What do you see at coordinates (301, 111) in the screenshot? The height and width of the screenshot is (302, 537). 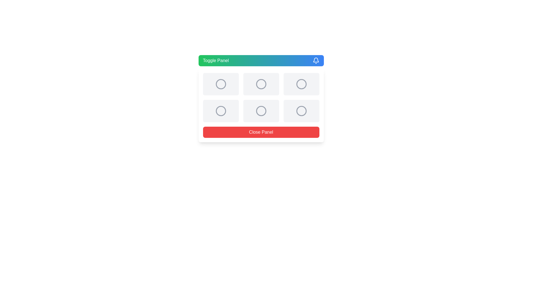 I see `the center circle of the sixth item in a 3x2 grid layout on the panel, which has a neutral grey border and no fill` at bounding box center [301, 111].